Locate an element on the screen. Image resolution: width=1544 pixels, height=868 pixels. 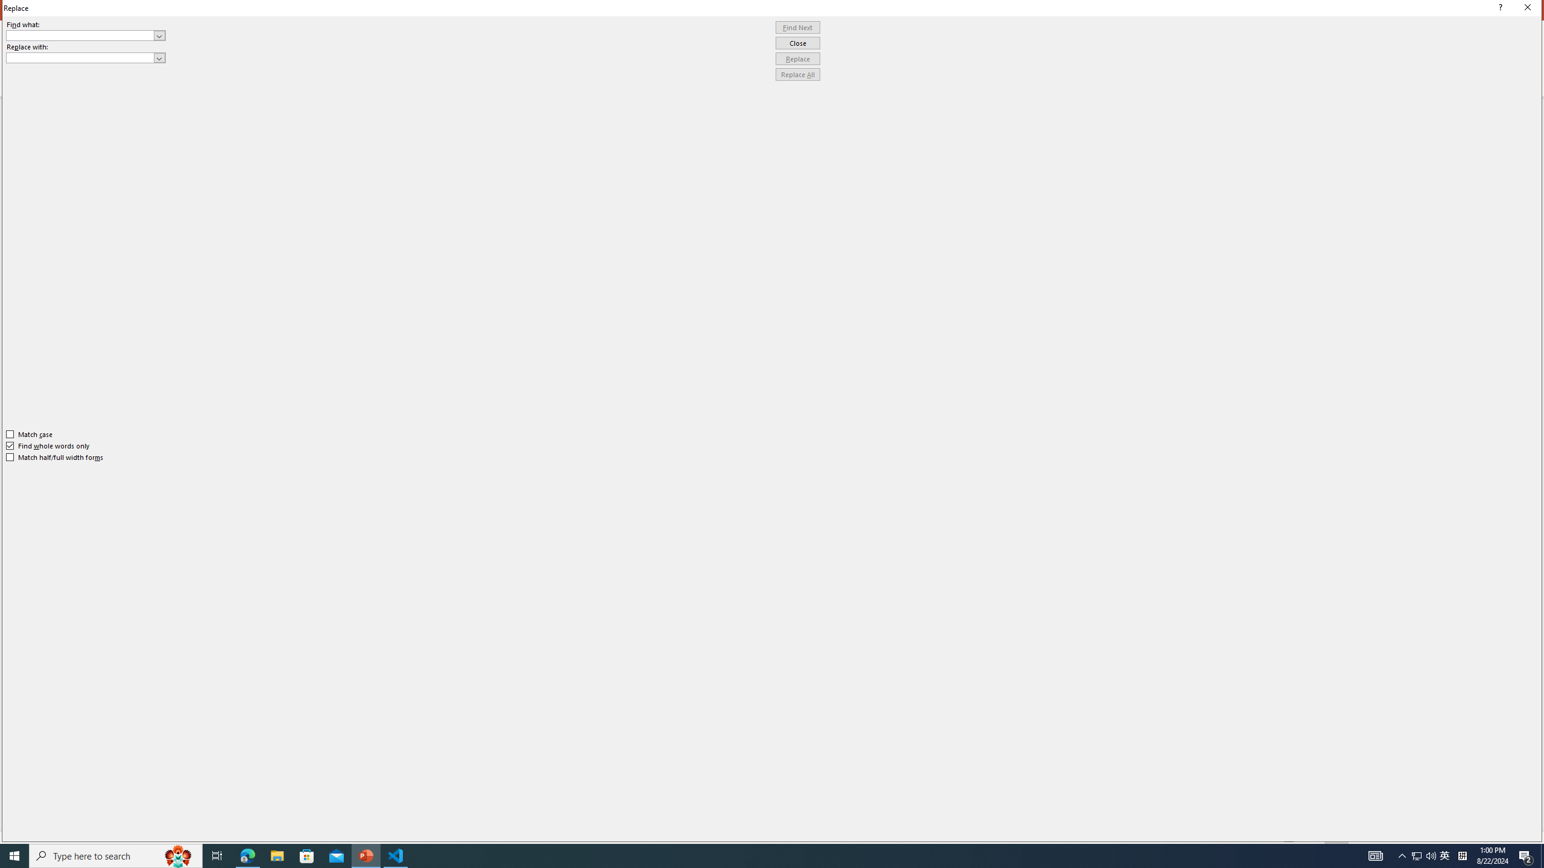
'Find what' is located at coordinates (80, 35).